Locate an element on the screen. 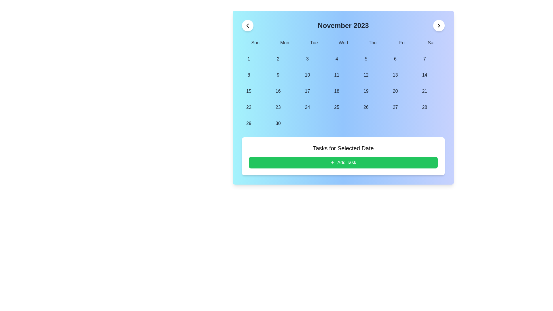 This screenshot has width=553, height=311. the interactive calendar day button displaying '14' is located at coordinates (425, 75).